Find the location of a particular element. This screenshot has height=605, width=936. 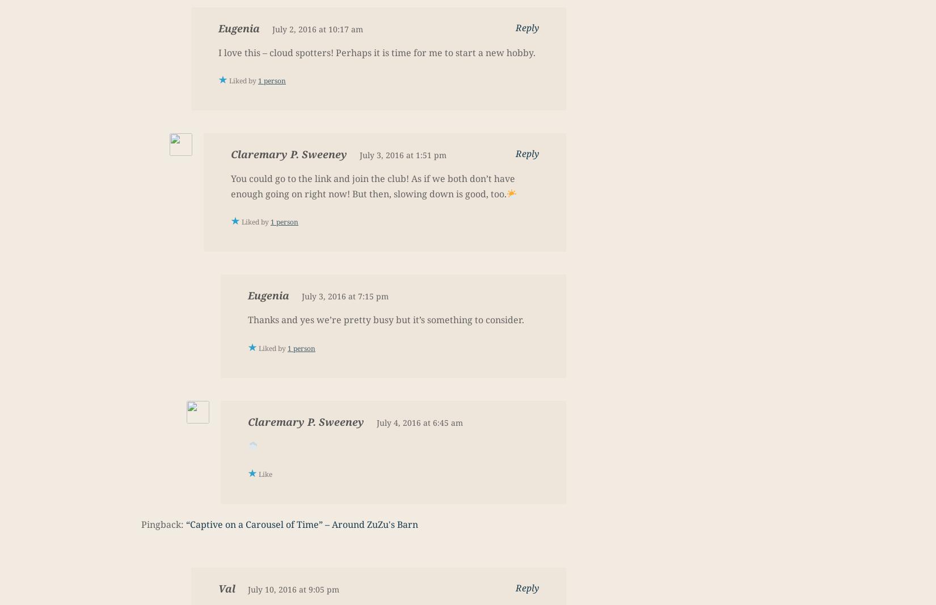

'July 3, 2016 at 7:15 pm' is located at coordinates (344, 295).